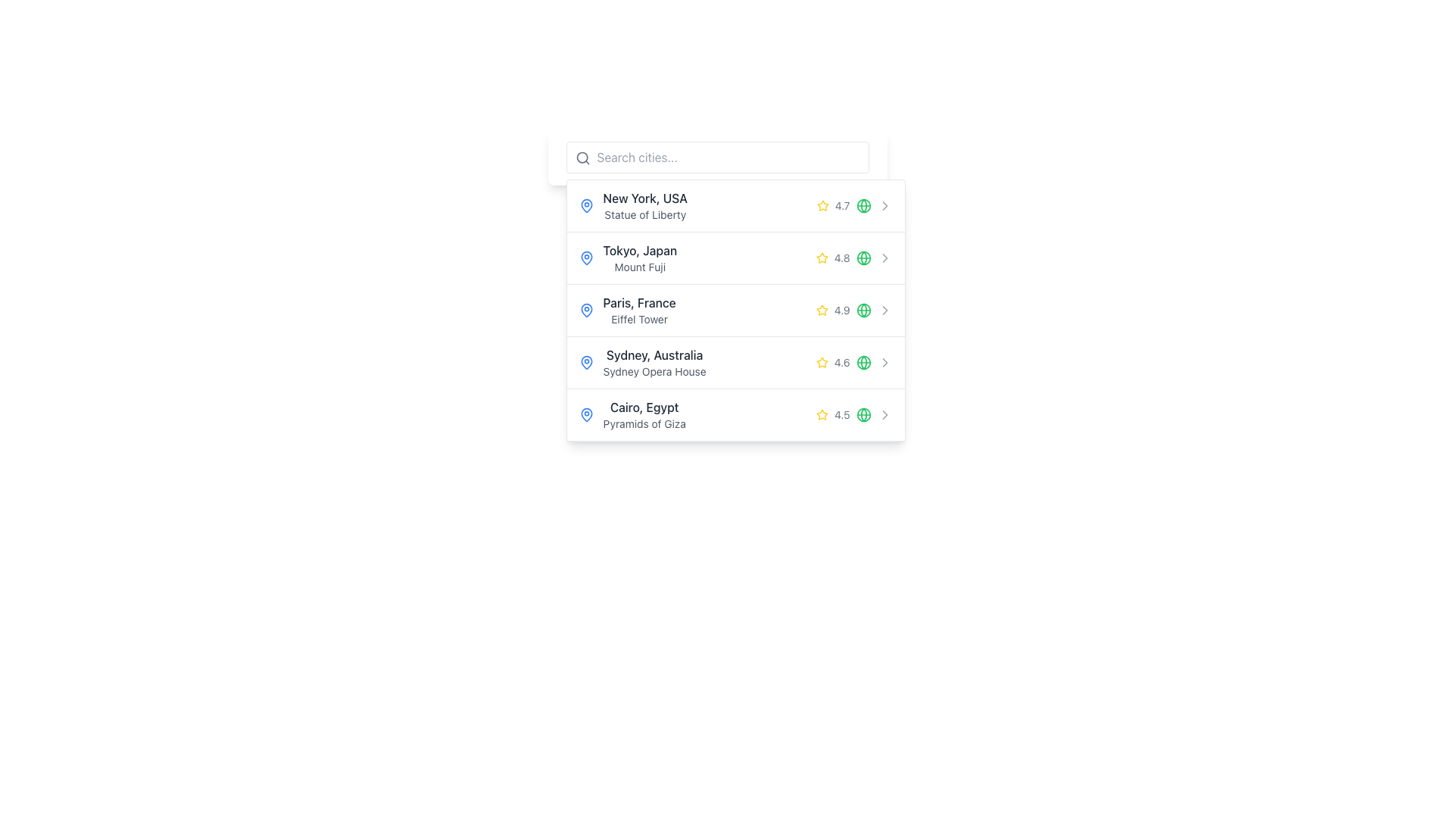  Describe the element at coordinates (644, 206) in the screenshot. I see `the text block that provides the name and brief description of a location, which is the first element in a vertical list adjacent to a blue location icon` at that location.